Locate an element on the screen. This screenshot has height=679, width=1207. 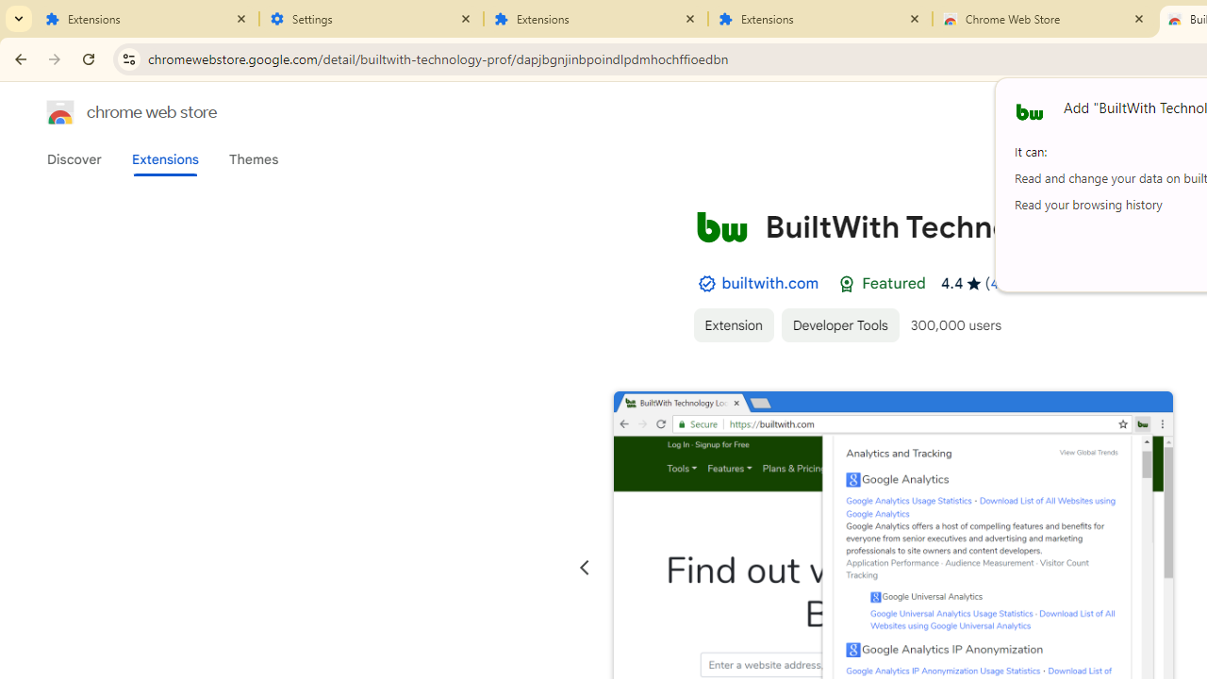
'Previous slide' is located at coordinates (583, 567).